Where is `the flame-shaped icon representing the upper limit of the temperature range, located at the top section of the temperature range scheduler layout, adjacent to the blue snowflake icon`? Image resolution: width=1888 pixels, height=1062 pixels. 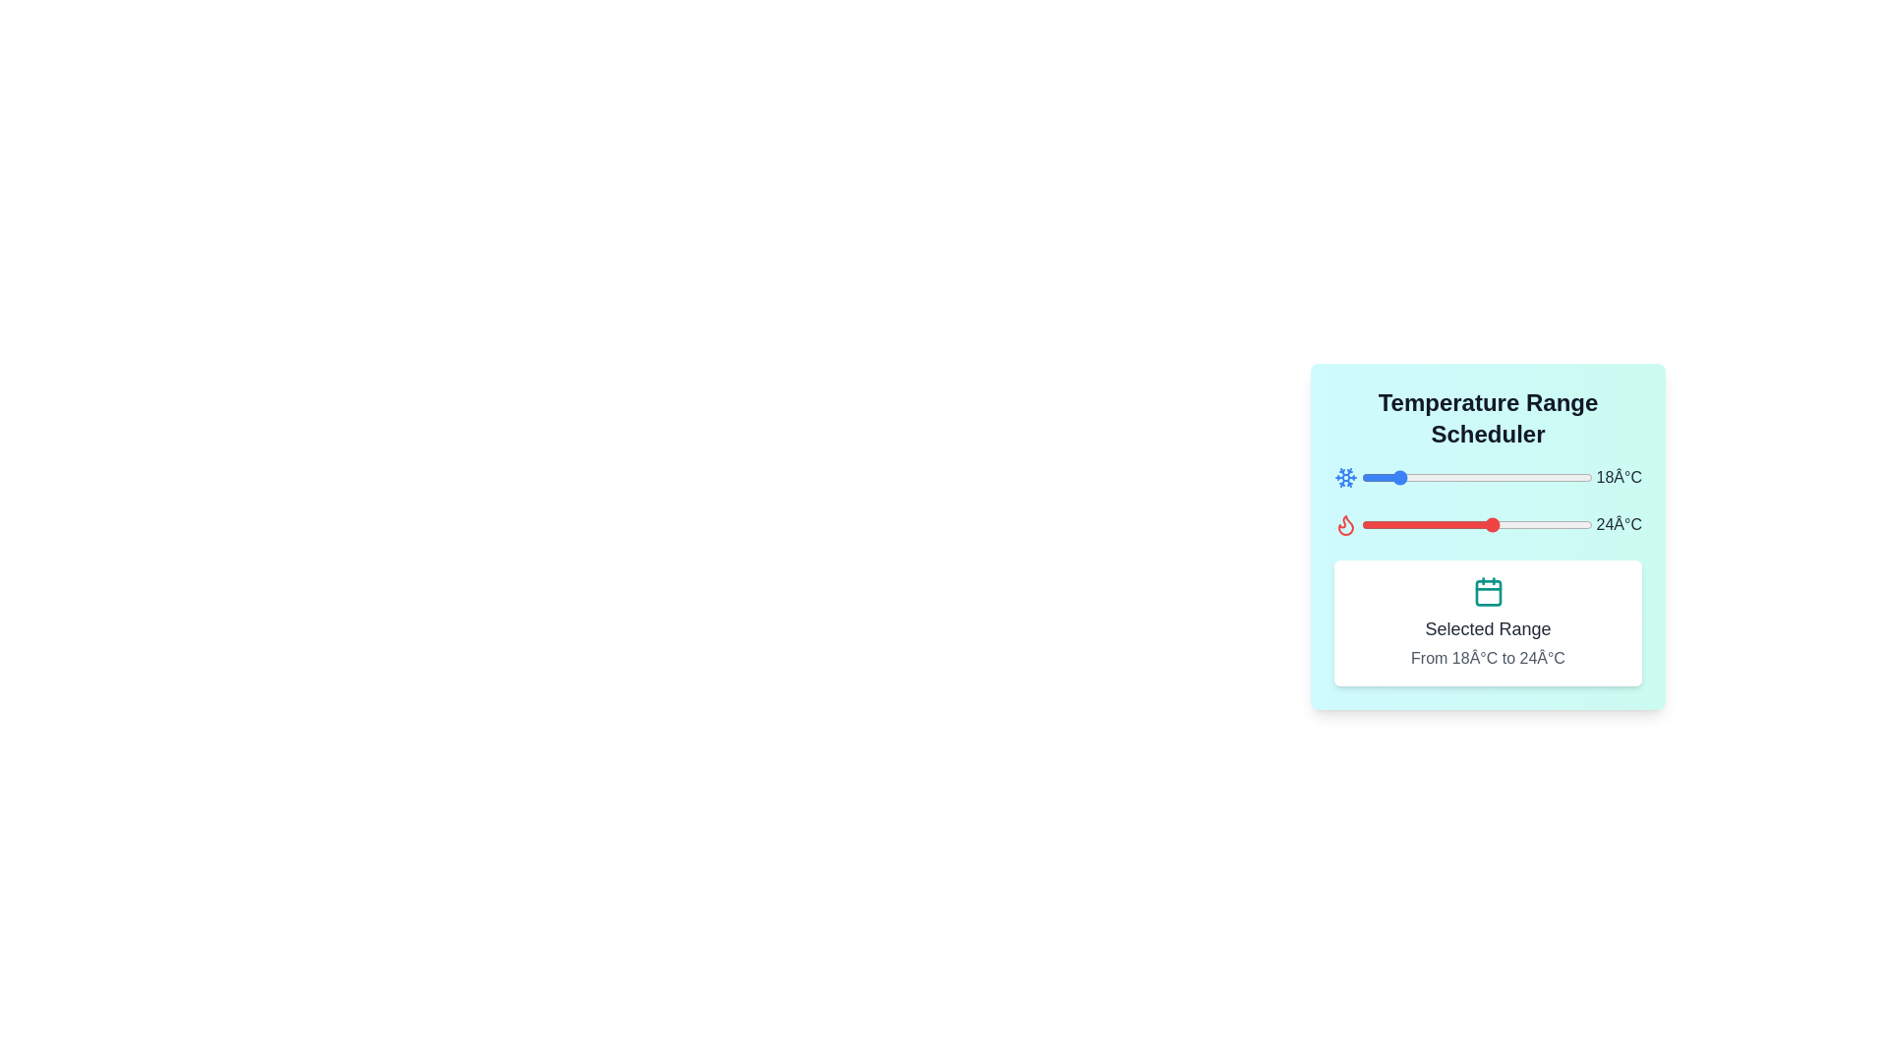 the flame-shaped icon representing the upper limit of the temperature range, located at the top section of the temperature range scheduler layout, adjacent to the blue snowflake icon is located at coordinates (1344, 524).